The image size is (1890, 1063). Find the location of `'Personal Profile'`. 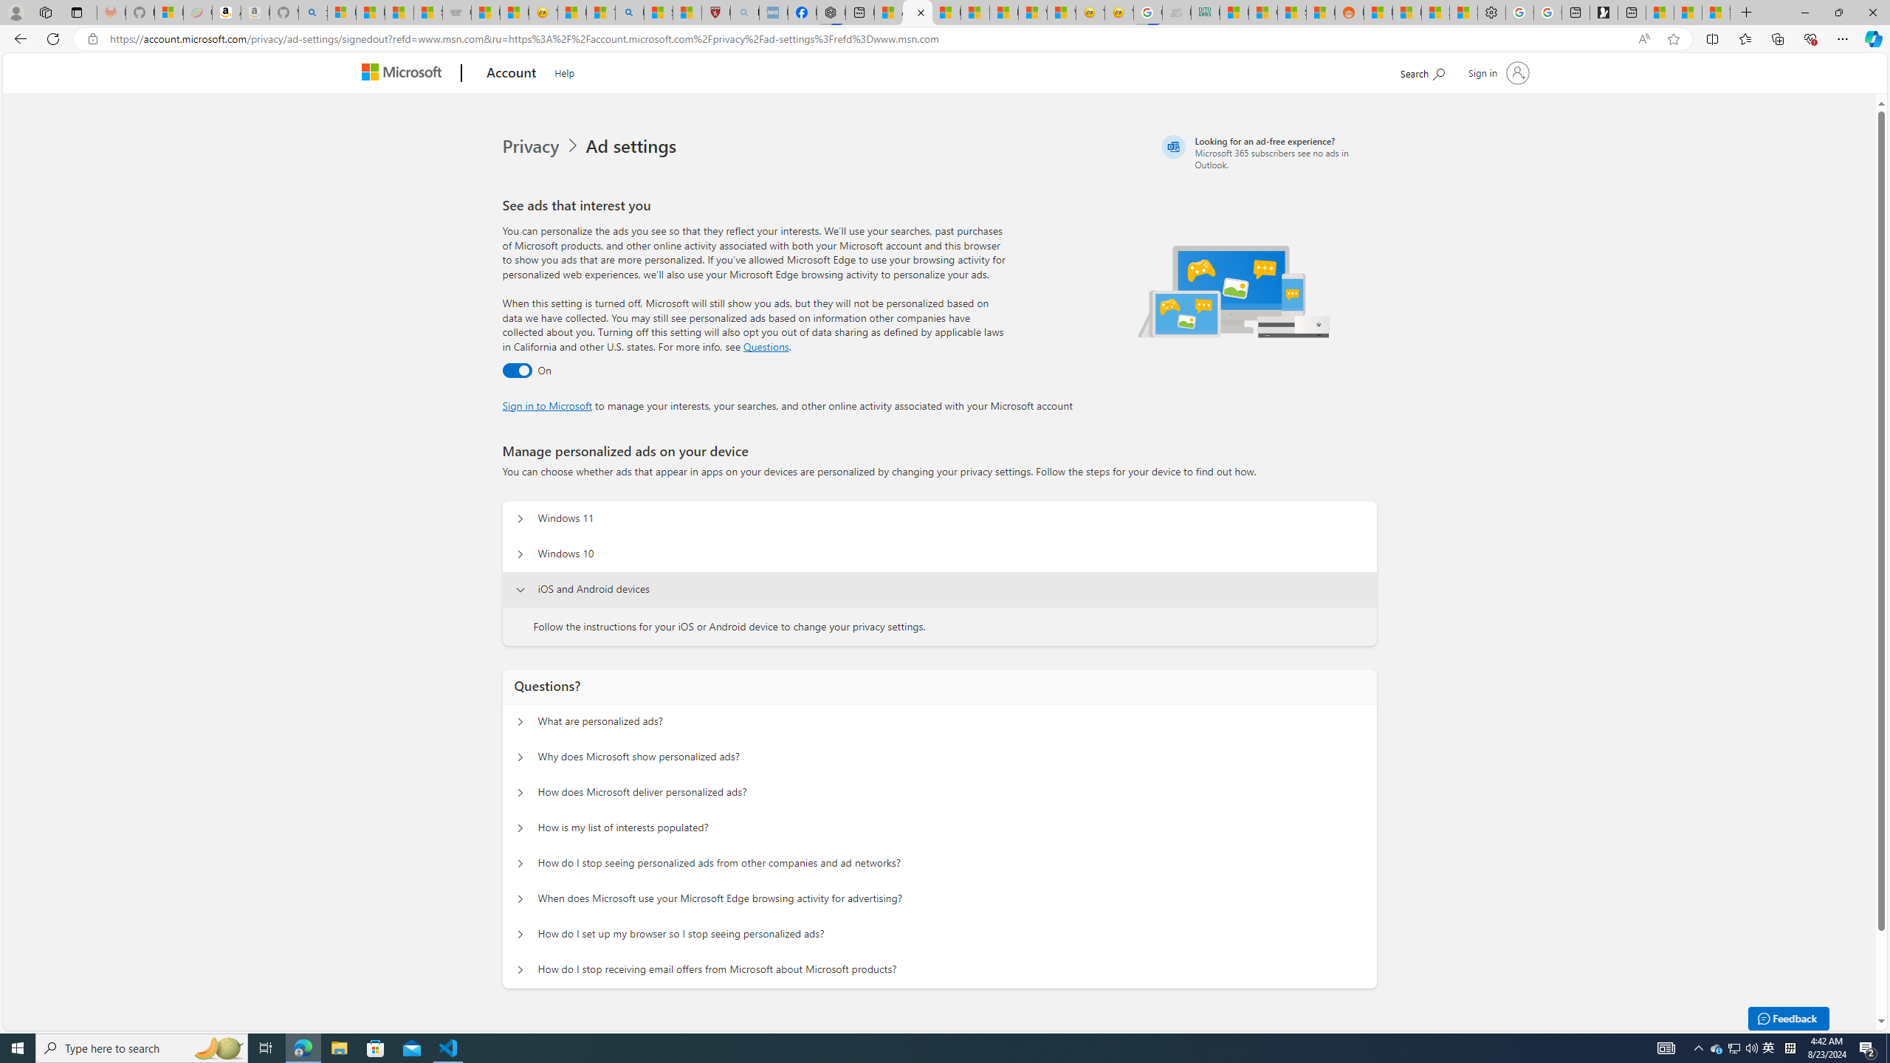

'Personal Profile' is located at coordinates (15, 12).